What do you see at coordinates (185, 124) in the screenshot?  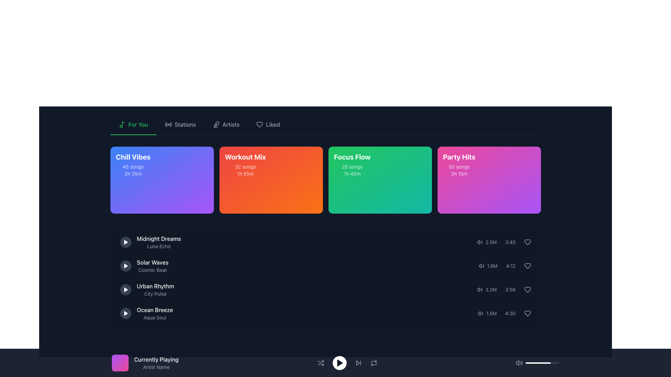 I see `the 'Stations' label in the top navigation bar, which is the third item from the left, styled with a larger and bold font` at bounding box center [185, 124].